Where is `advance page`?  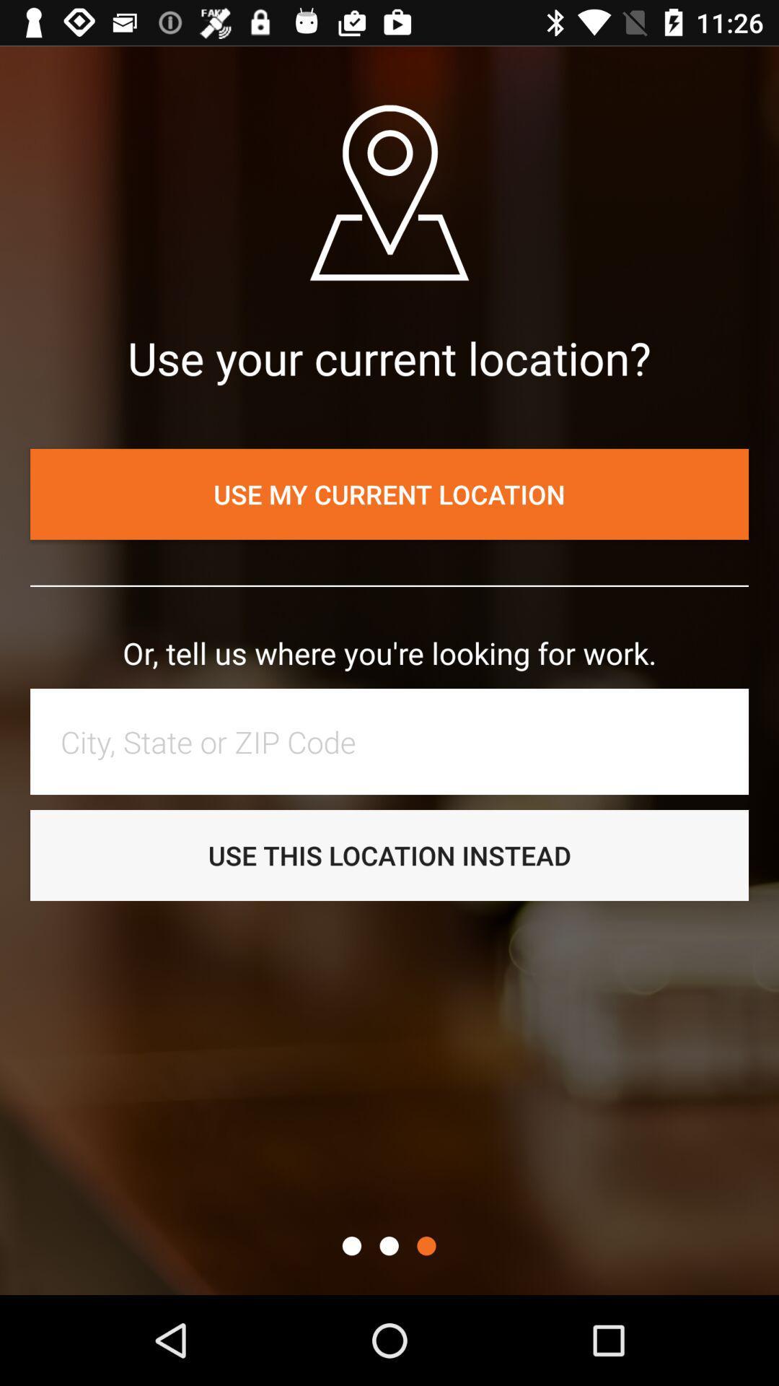
advance page is located at coordinates (426, 1245).